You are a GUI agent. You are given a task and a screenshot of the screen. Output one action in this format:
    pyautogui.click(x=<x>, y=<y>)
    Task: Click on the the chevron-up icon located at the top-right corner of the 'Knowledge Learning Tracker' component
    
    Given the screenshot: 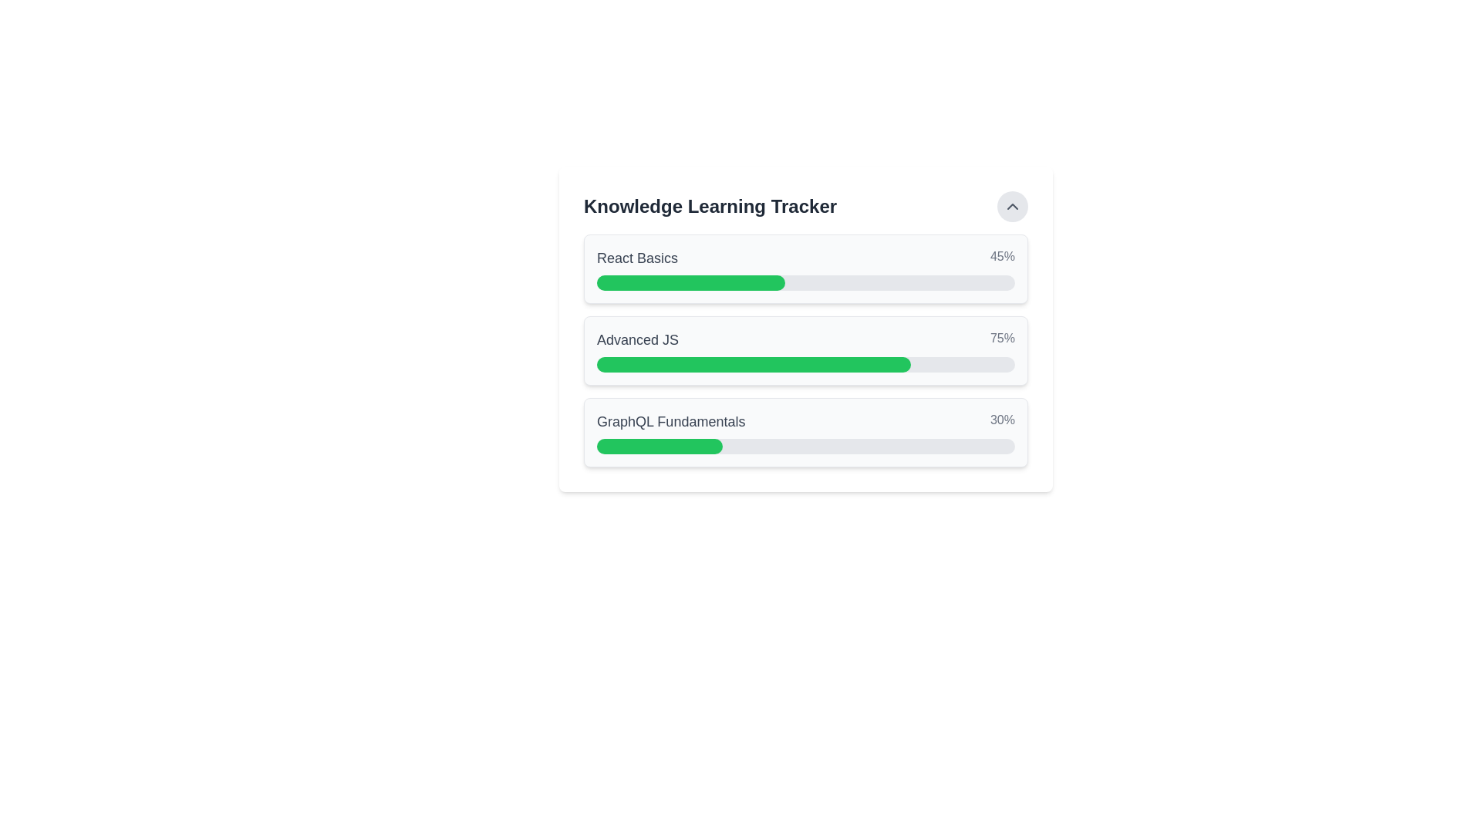 What is the action you would take?
    pyautogui.click(x=1013, y=205)
    